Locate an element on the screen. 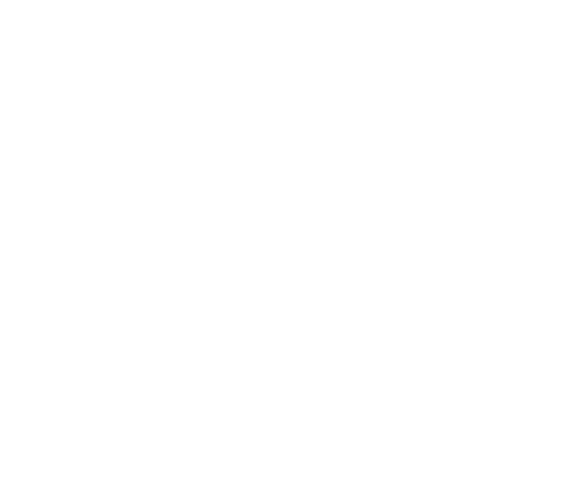 The height and width of the screenshot is (491, 575). 'Future Publishing Limited Quay House, The Ambury, Bath BA1 1UA. All rights reserved. England and Wales company registration number 2008885.' is located at coordinates (176, 416).